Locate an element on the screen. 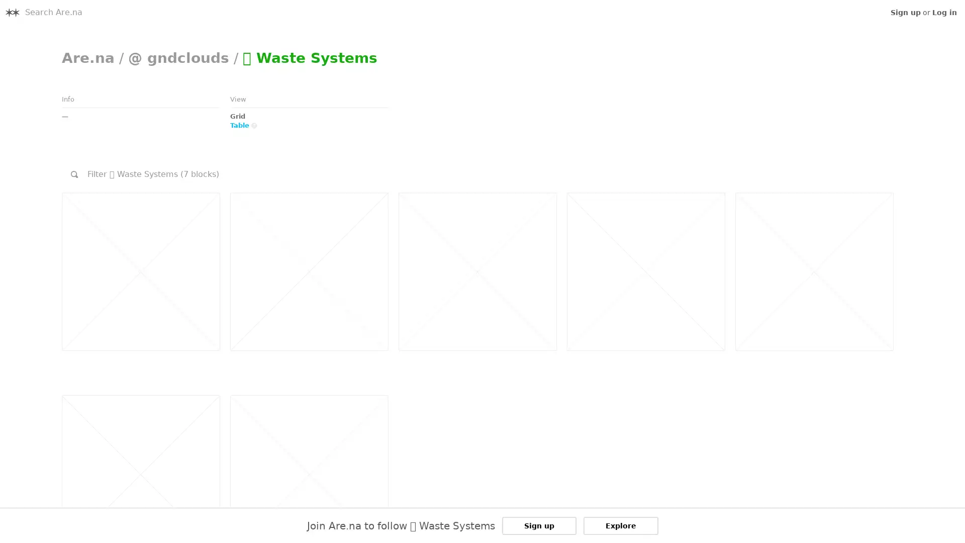  Link to Link: The Swedish recycling revolution is located at coordinates (814, 271).